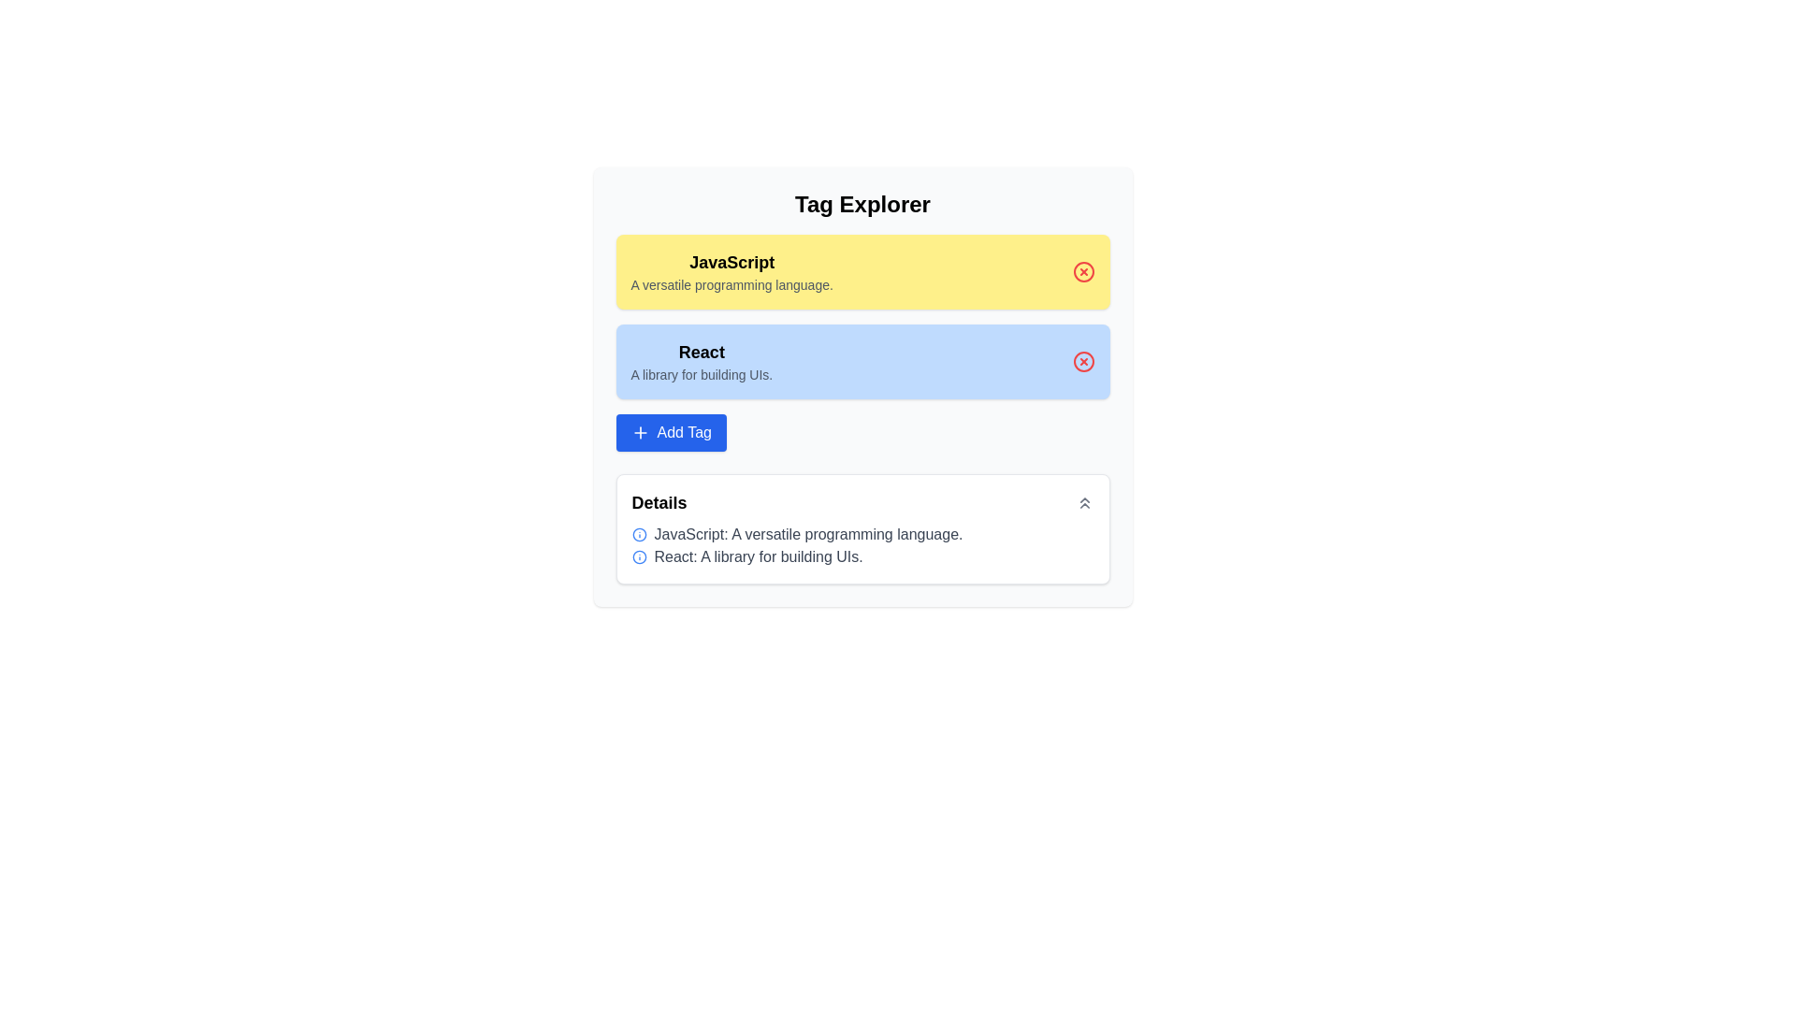 The width and height of the screenshot is (1796, 1010). What do you see at coordinates (671, 432) in the screenshot?
I see `the 'Add Tag' button with a blue background and white text, located below the 'React' section in the 'Tag Explorer' panel` at bounding box center [671, 432].